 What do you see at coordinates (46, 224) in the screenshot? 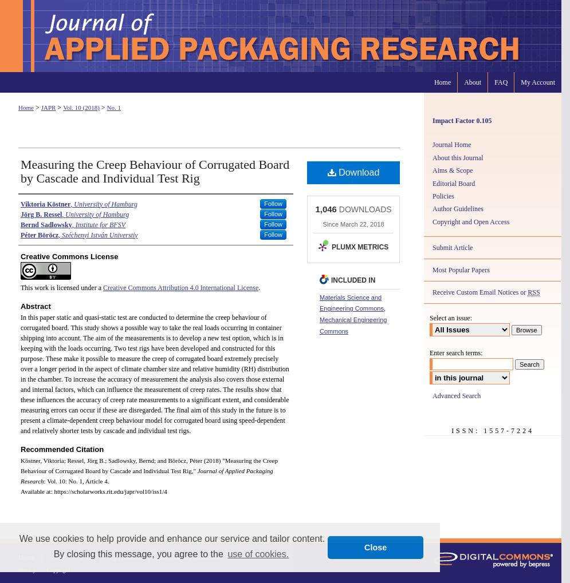
I see `'Bernd Sadlowsky'` at bounding box center [46, 224].